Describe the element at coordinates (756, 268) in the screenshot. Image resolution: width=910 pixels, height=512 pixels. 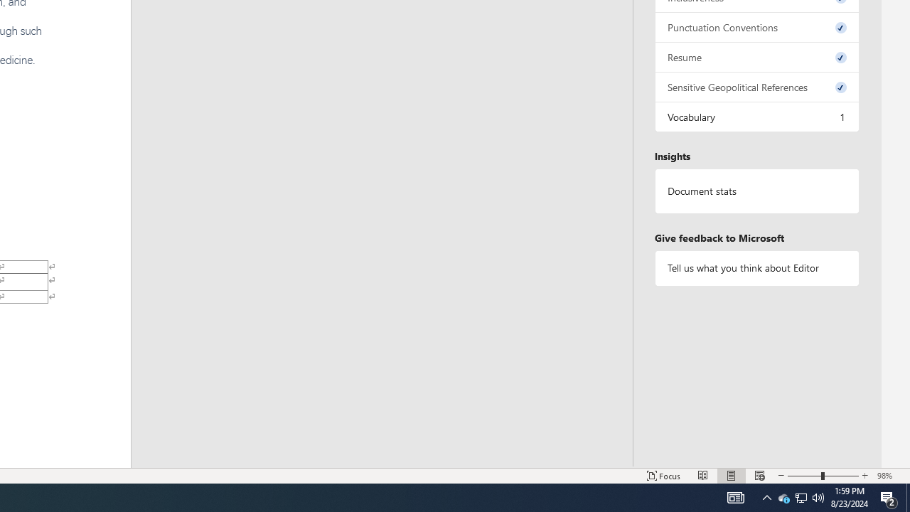
I see `'Tell us what you think about Editor'` at that location.